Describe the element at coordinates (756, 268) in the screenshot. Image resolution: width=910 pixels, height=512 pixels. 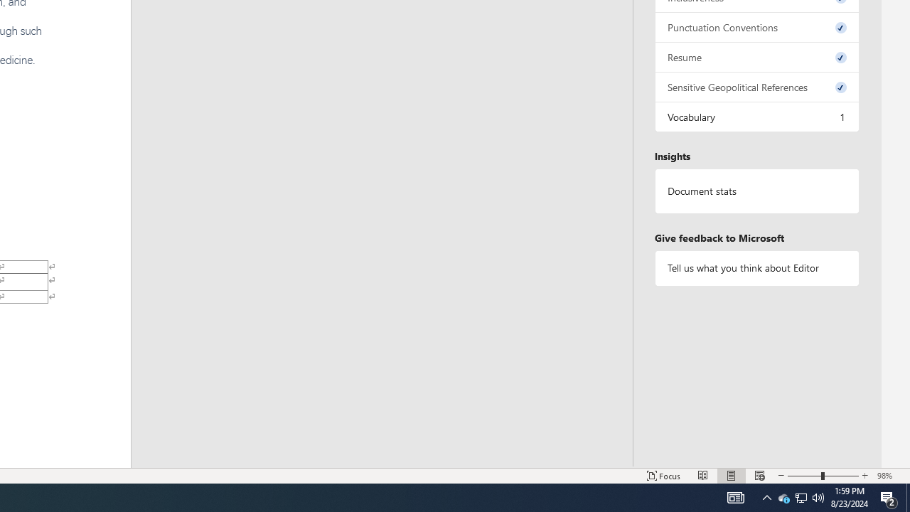
I see `'Tell us what you think about Editor'` at that location.